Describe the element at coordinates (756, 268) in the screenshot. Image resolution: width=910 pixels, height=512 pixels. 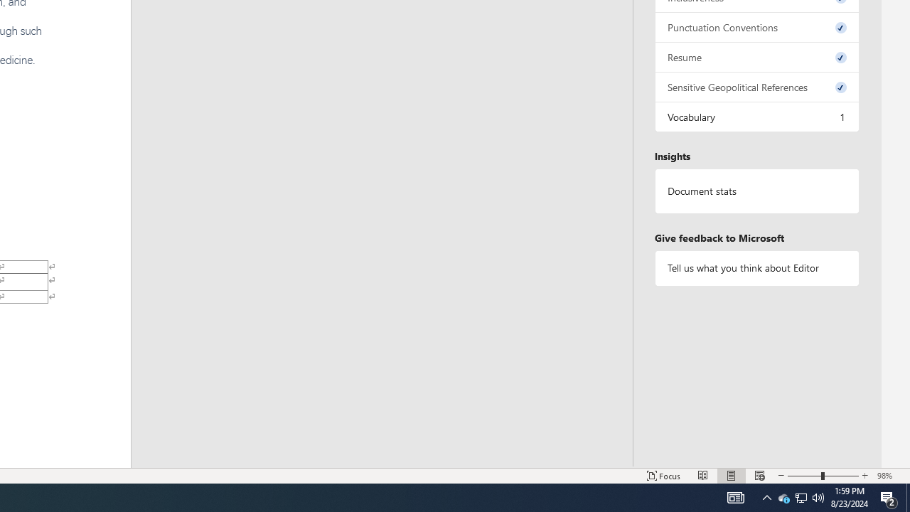
I see `'Tell us what you think about Editor'` at that location.